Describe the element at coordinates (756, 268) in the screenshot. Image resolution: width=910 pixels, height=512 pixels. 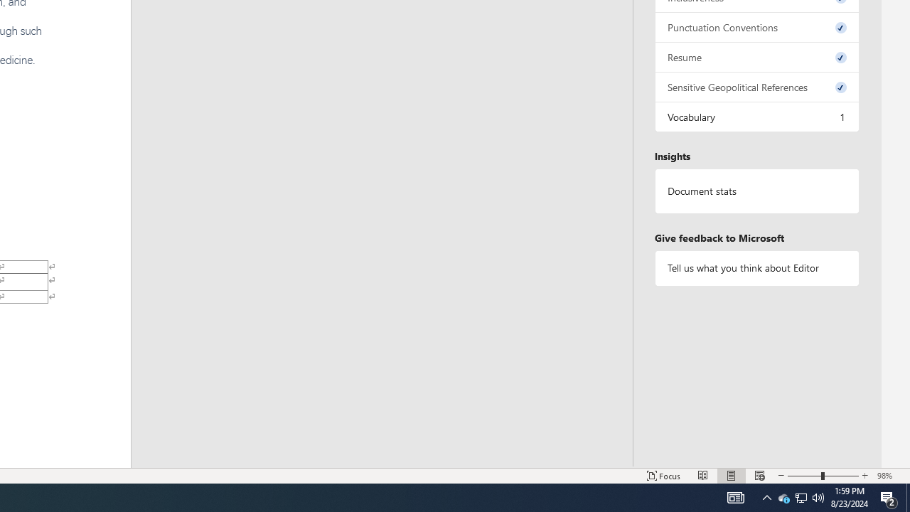
I see `'Tell us what you think about Editor'` at that location.